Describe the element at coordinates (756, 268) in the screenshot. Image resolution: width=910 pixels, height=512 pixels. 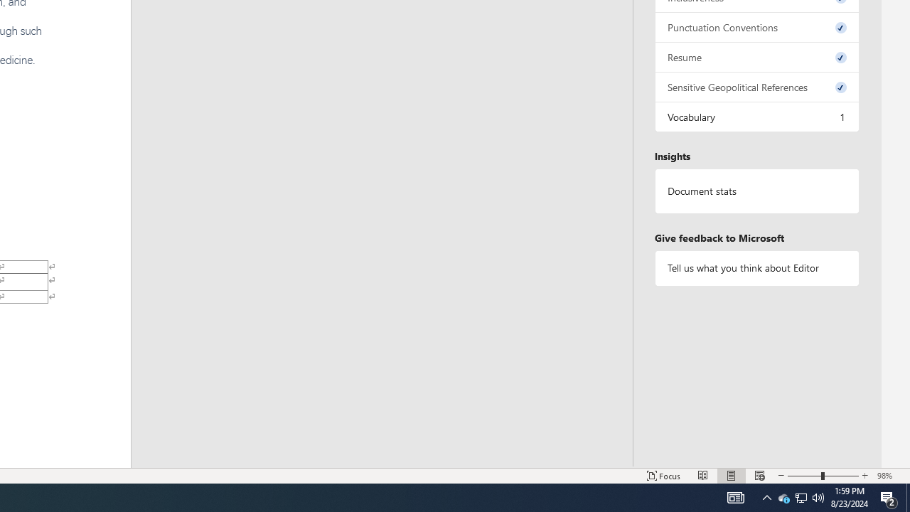
I see `'Tell us what you think about Editor'` at that location.